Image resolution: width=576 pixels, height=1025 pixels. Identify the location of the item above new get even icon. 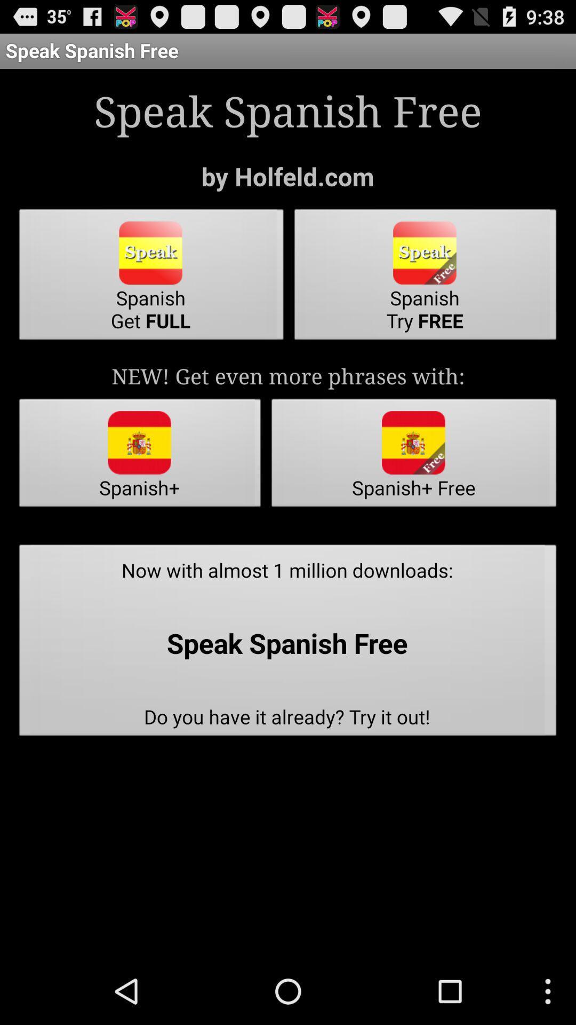
(151, 278).